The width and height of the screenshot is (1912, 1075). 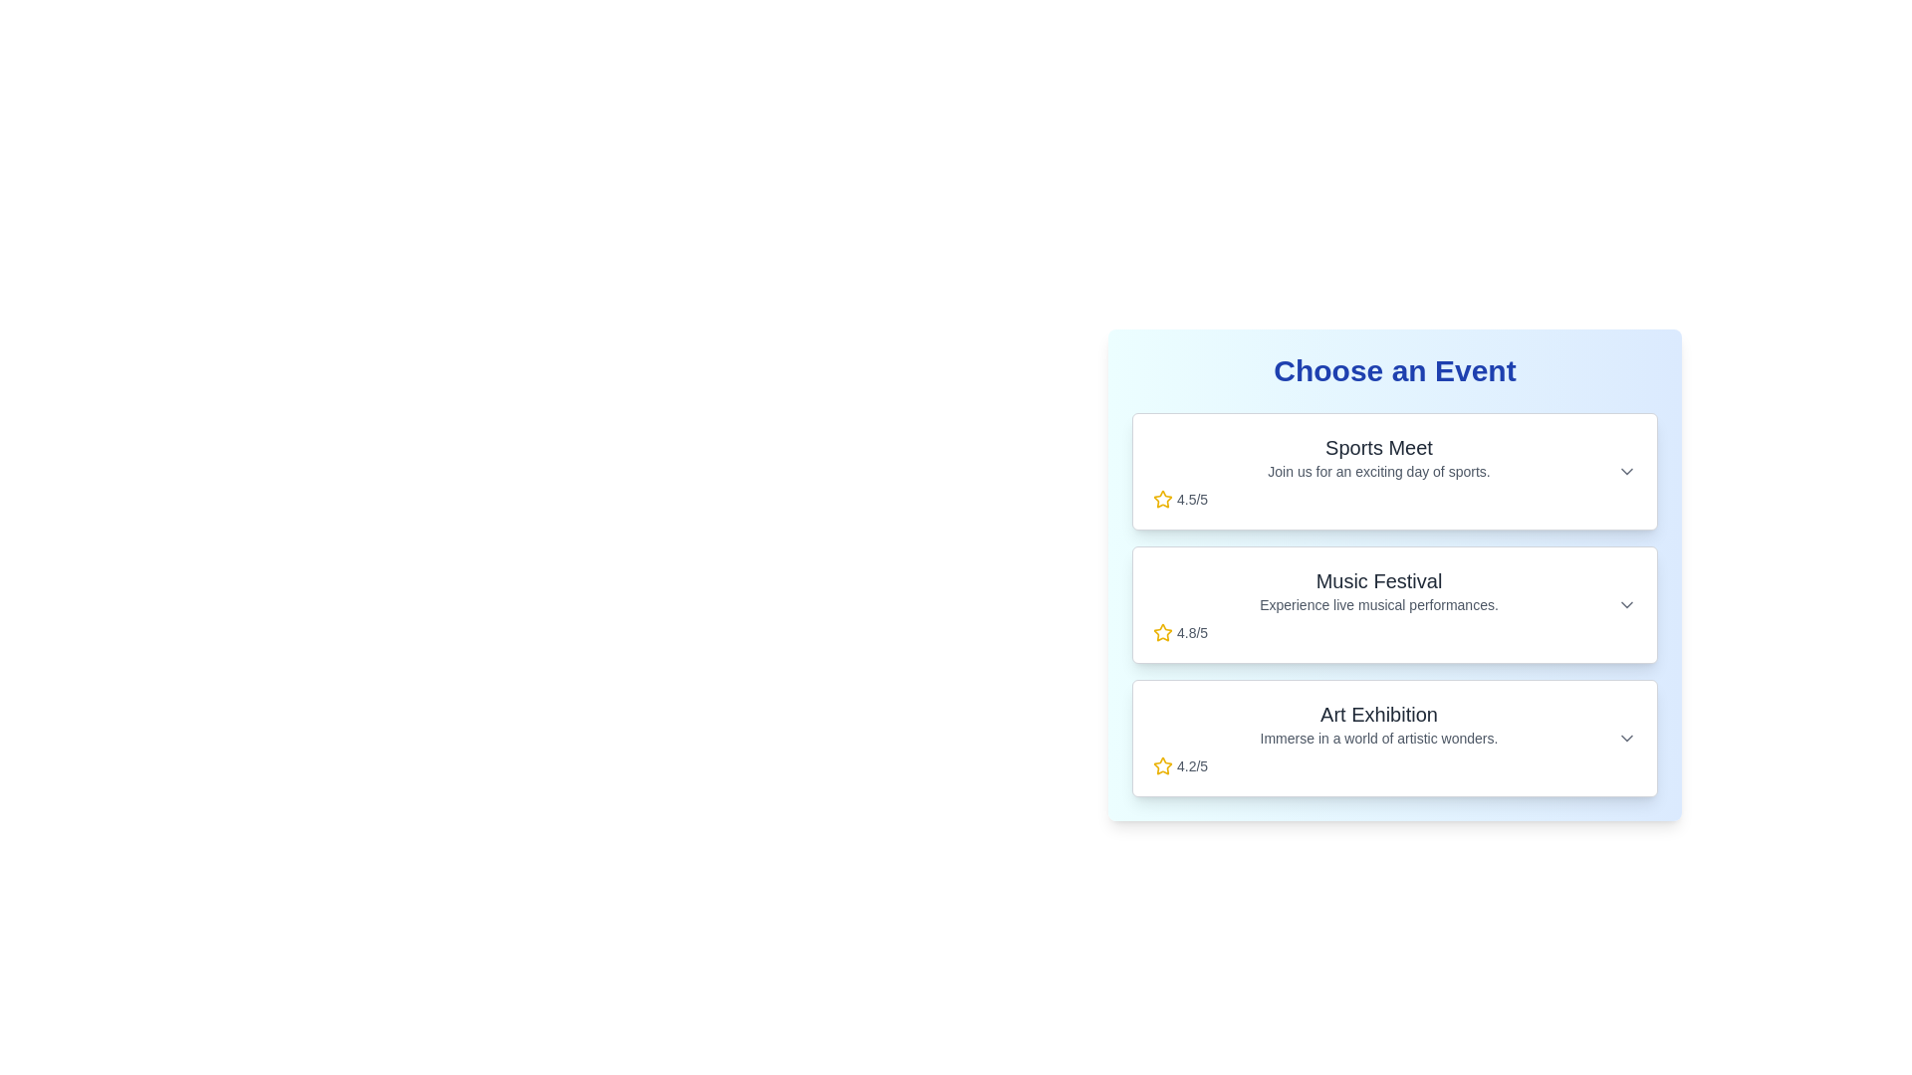 I want to click on the rating score displayed as static text for the 'Music Festival' event, located immediately to the right of the yellow star icon in the center of the event card, so click(x=1192, y=633).